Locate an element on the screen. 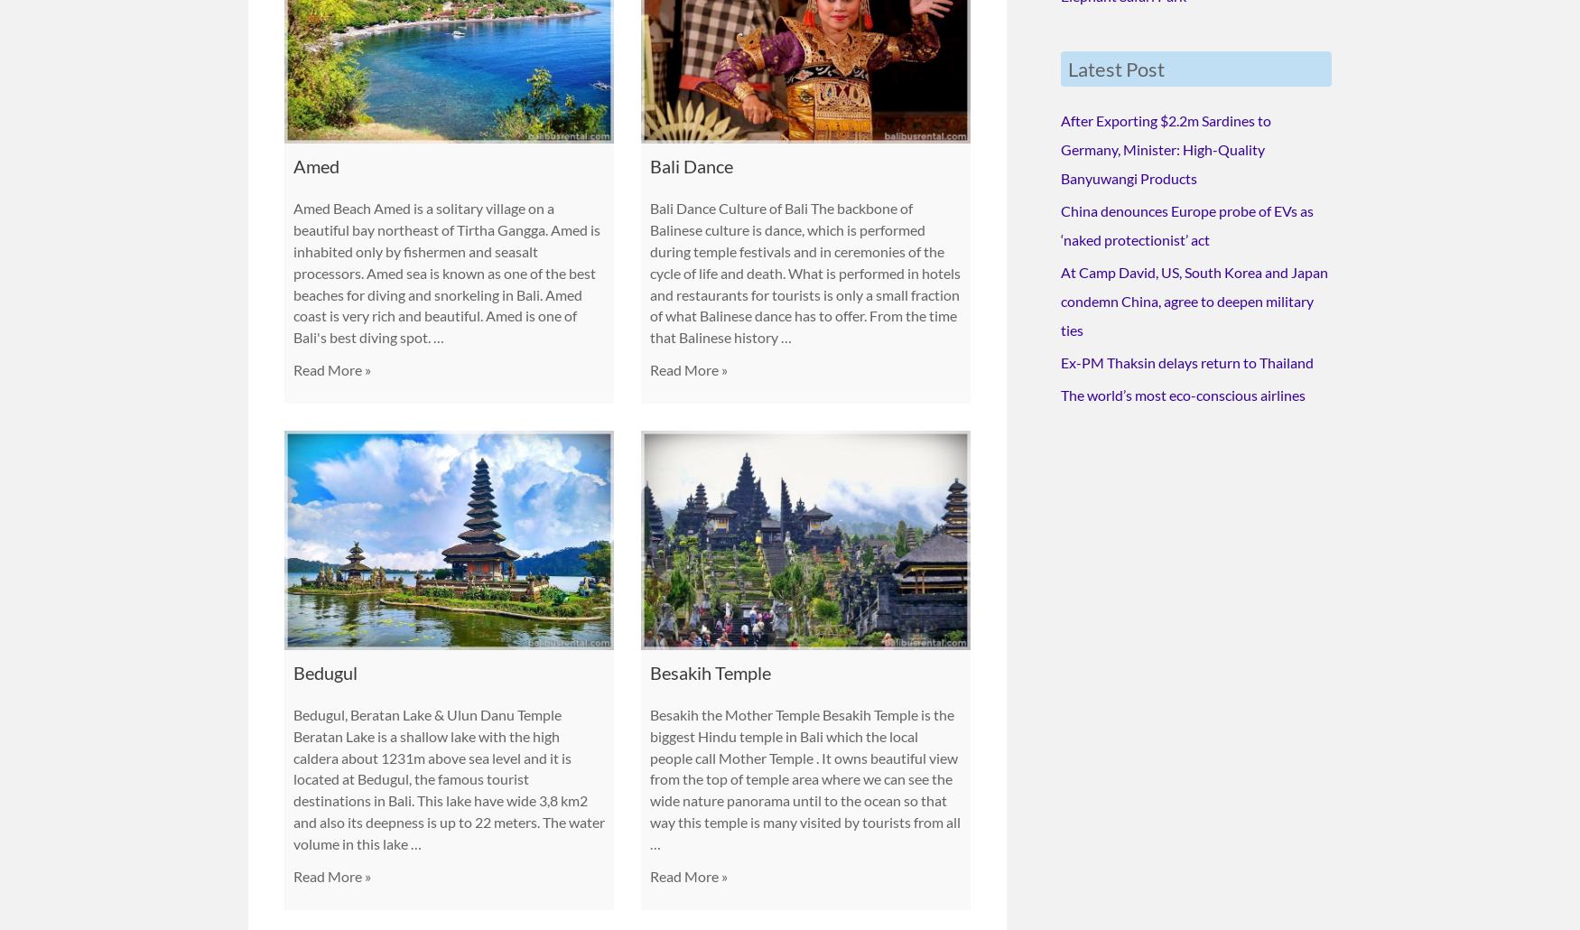  'Ex-PM Thaksin delays return to Thailand' is located at coordinates (1186, 358).